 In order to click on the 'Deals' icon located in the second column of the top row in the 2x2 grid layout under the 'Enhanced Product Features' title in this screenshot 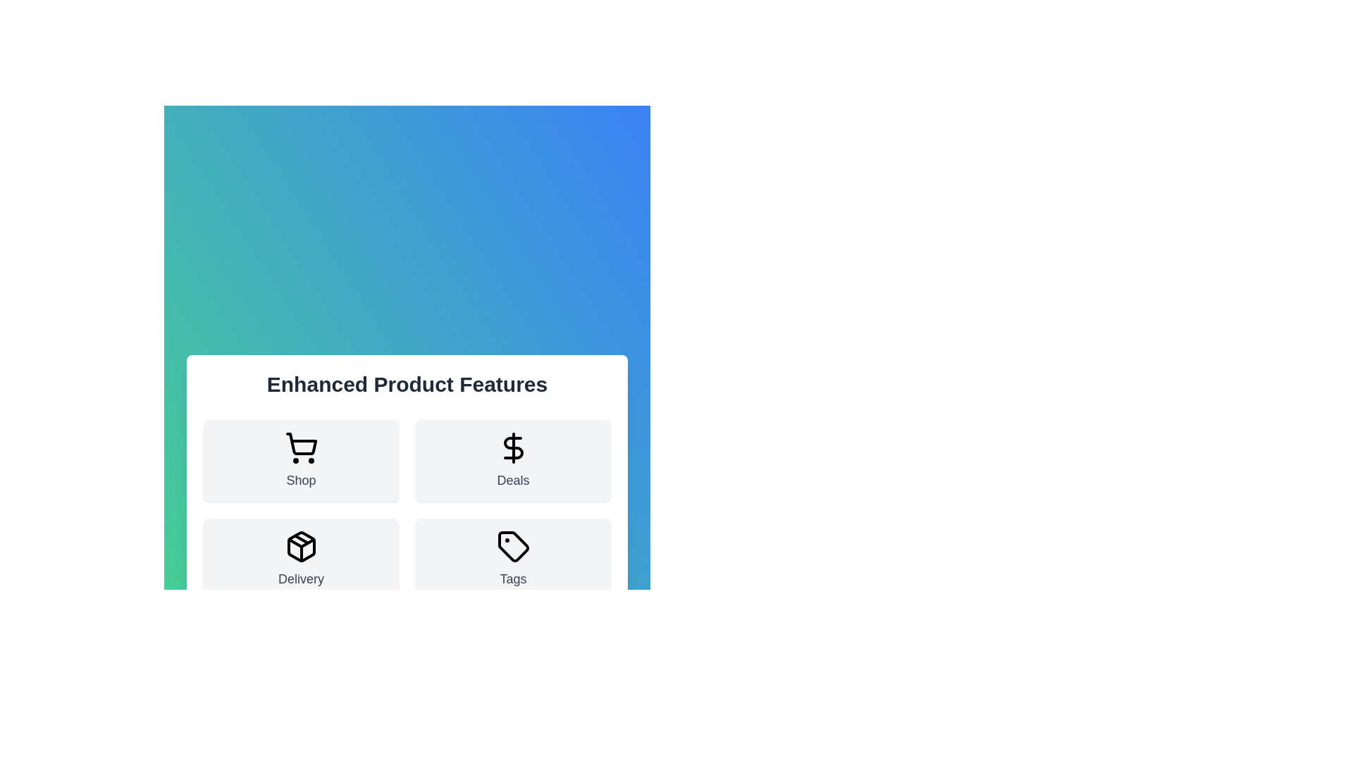, I will do `click(512, 448)`.